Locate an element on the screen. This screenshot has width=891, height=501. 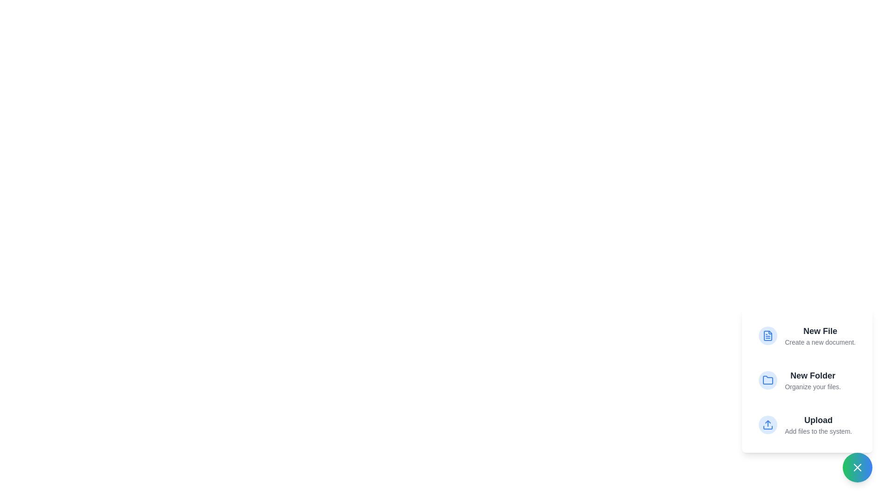
the menu option New Folder to highlight it is located at coordinates (807, 380).